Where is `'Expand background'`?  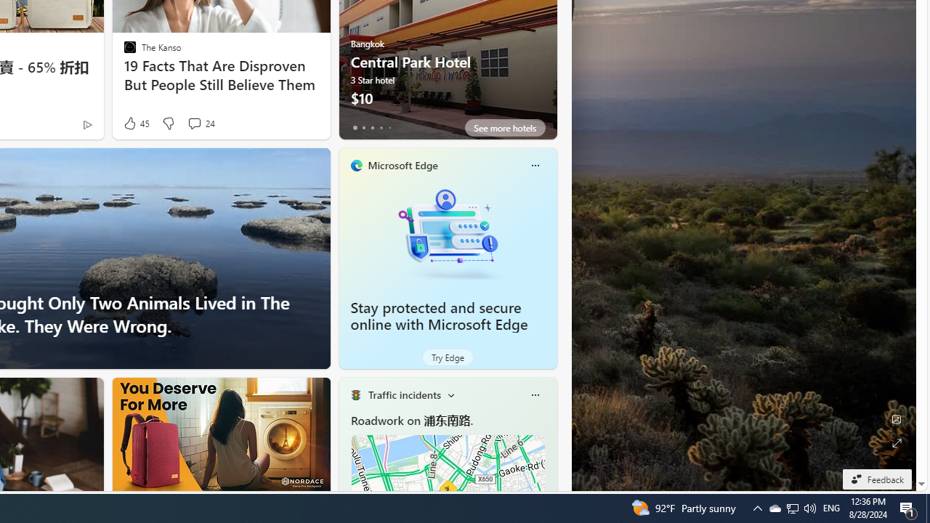 'Expand background' is located at coordinates (895, 442).